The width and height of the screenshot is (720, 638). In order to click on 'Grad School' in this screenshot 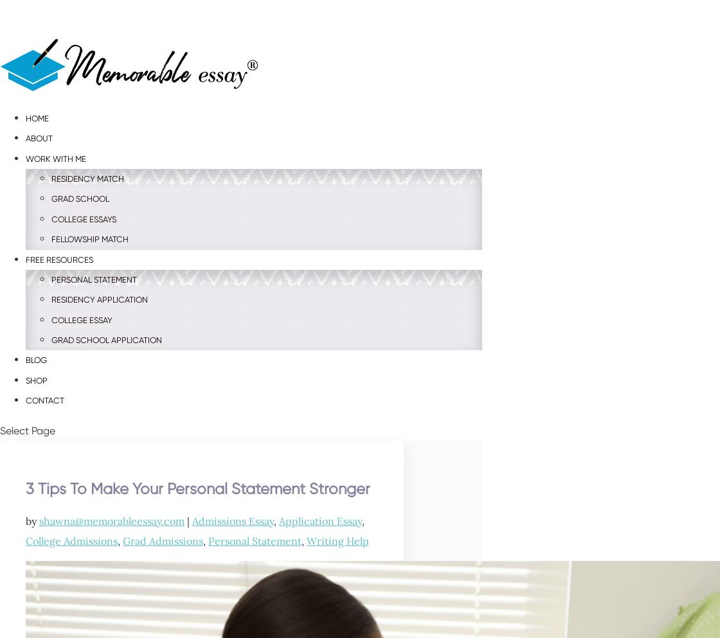, I will do `click(80, 198)`.